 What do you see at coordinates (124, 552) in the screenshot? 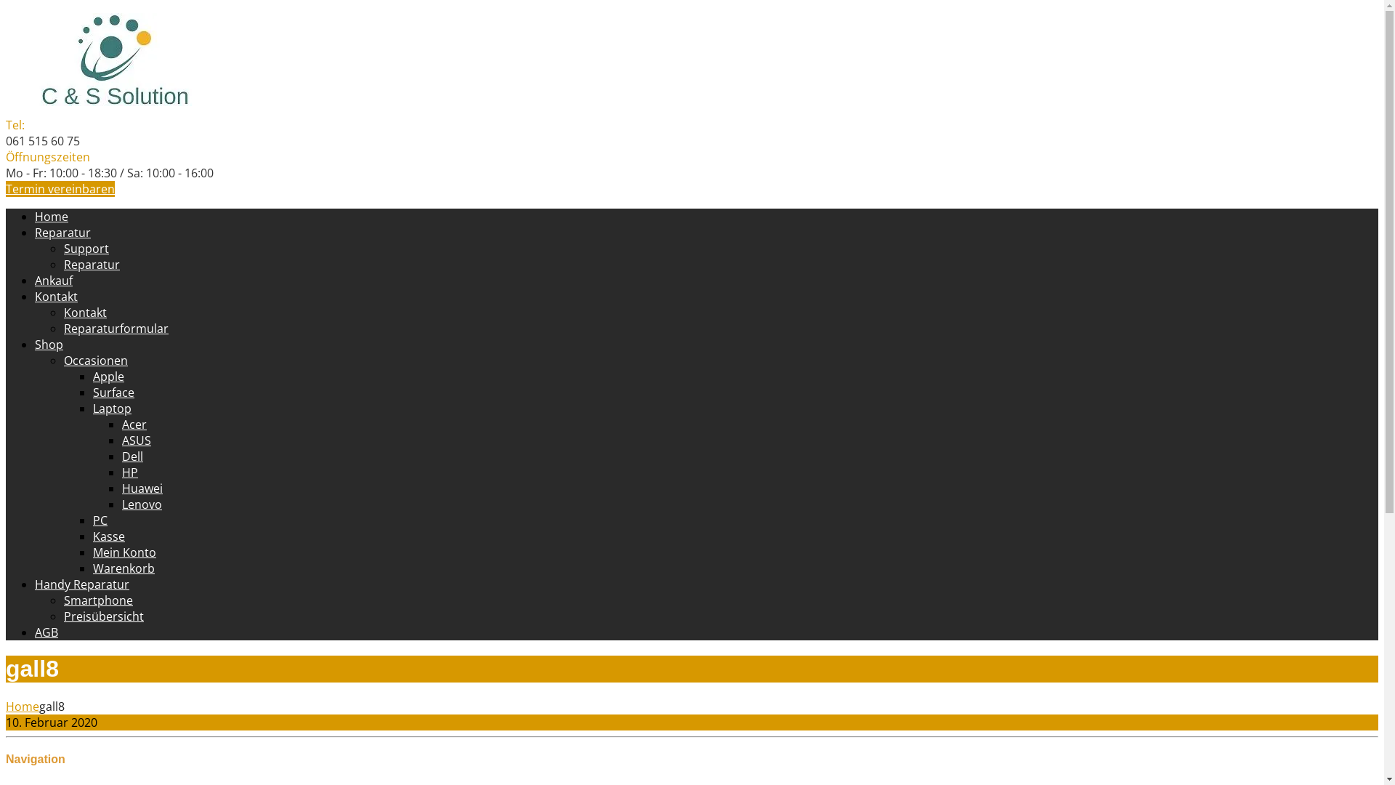
I see `'Mein Konto'` at bounding box center [124, 552].